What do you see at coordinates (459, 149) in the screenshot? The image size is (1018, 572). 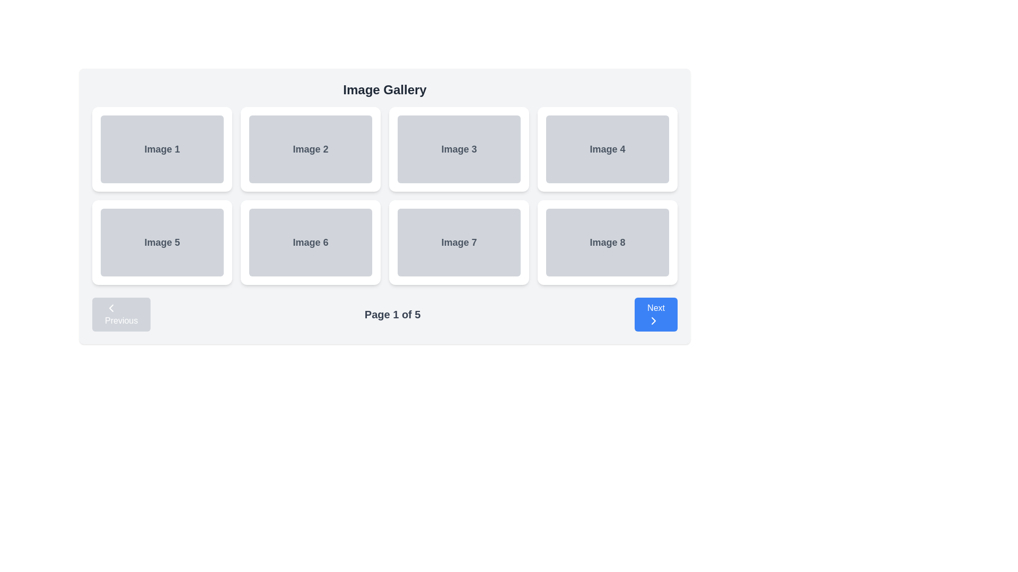 I see `the Card element labeled as 'Image 3', which is the third element in the upper row of a 4x2 grid layout, positioned between 'Image 2' and 'Image 4'` at bounding box center [459, 149].